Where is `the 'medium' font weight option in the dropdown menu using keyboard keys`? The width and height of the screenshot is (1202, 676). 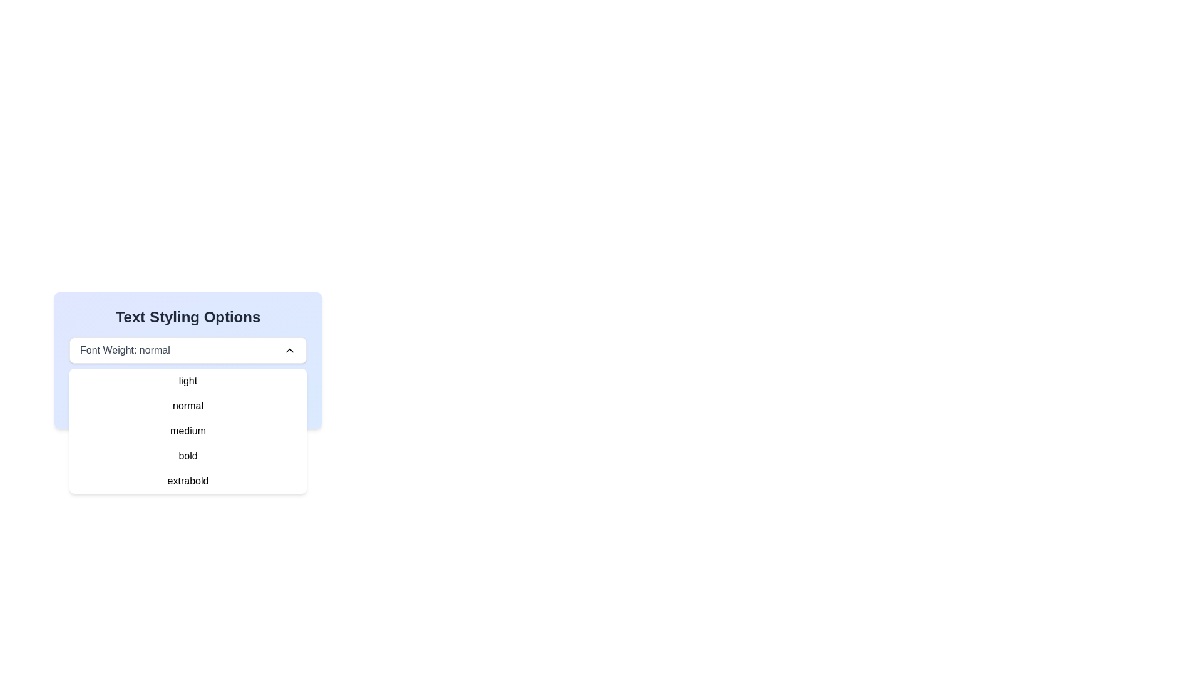 the 'medium' font weight option in the dropdown menu using keyboard keys is located at coordinates (187, 431).